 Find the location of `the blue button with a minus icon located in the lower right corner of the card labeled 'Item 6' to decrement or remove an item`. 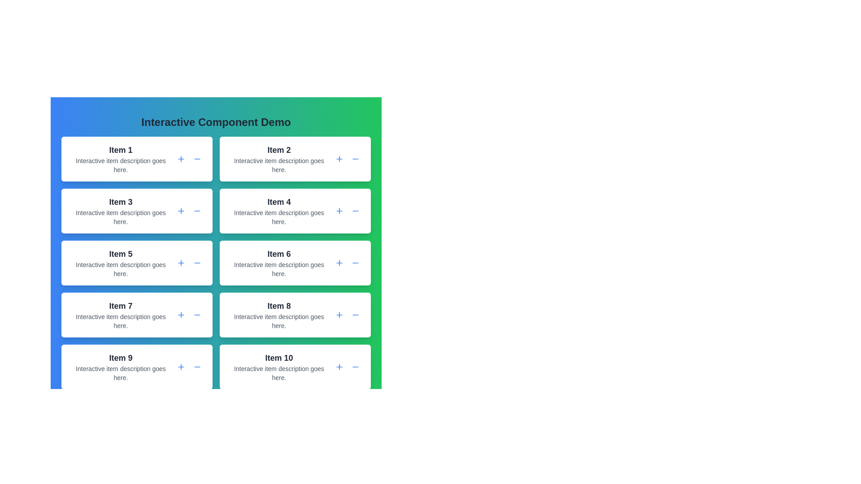

the blue button with a minus icon located in the lower right corner of the card labeled 'Item 6' to decrement or remove an item is located at coordinates (355, 262).